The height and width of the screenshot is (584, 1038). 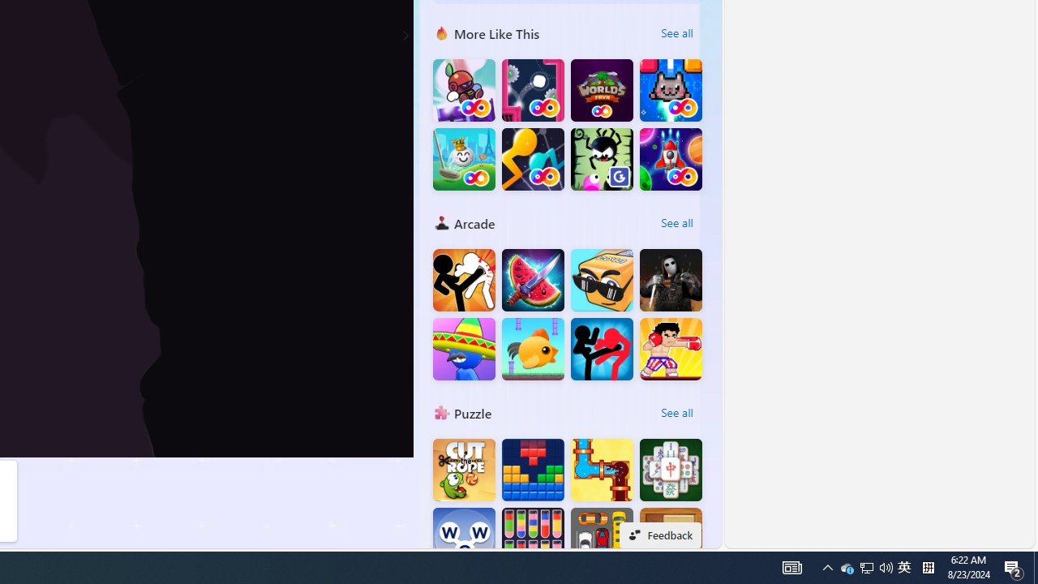 I want to click on 'Boxing fighter : Super punch', so click(x=671, y=348).